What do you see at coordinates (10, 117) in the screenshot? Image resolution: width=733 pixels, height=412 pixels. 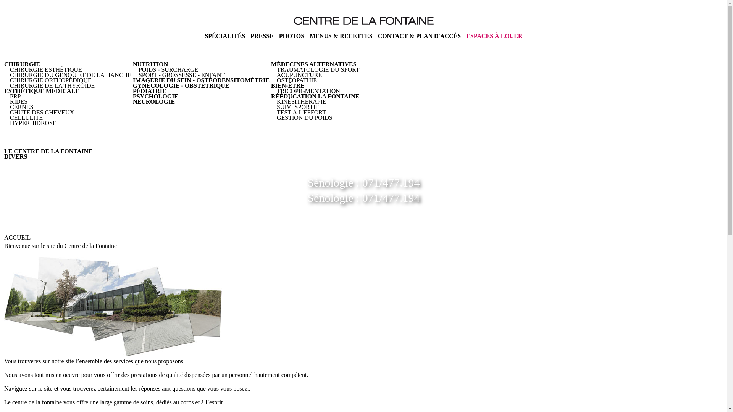 I see `'CELLULITE'` at bounding box center [10, 117].